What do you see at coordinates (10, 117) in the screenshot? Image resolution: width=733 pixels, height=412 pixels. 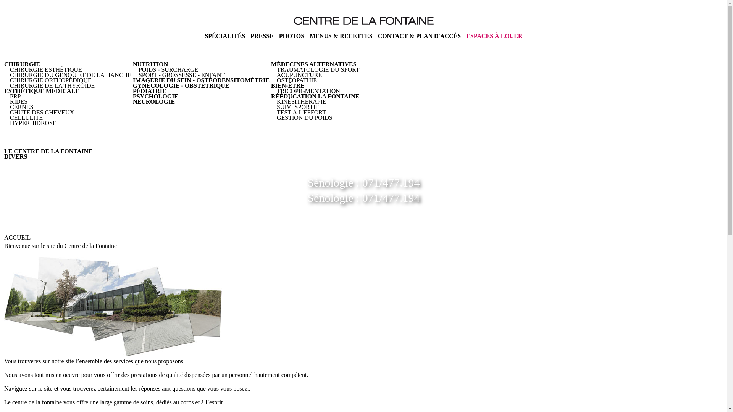 I see `'CELLULITE'` at bounding box center [10, 117].